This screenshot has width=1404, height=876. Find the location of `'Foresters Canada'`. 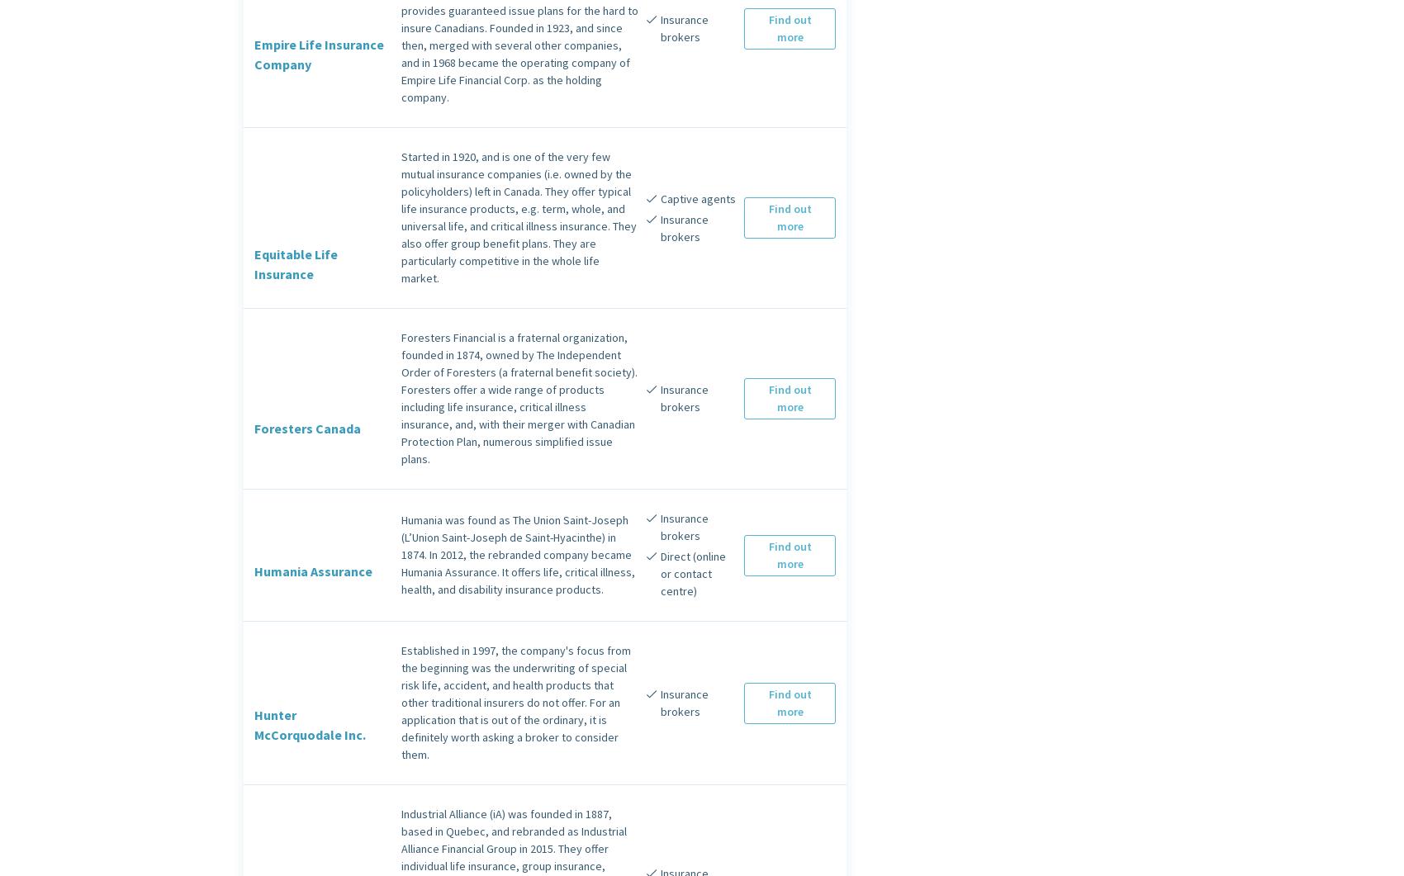

'Foresters Canada' is located at coordinates (306, 429).